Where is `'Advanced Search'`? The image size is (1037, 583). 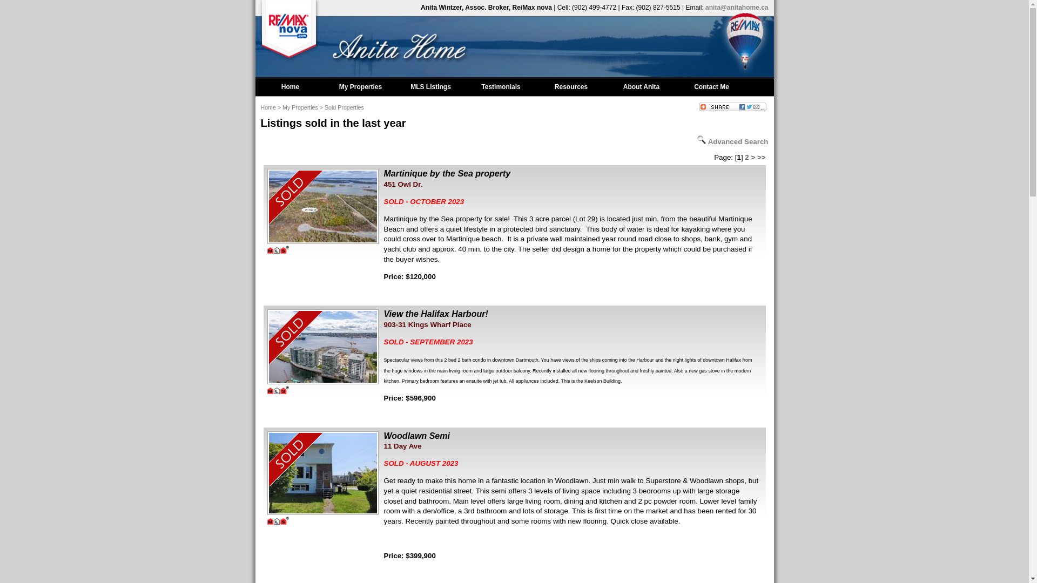 'Advanced Search' is located at coordinates (732, 141).